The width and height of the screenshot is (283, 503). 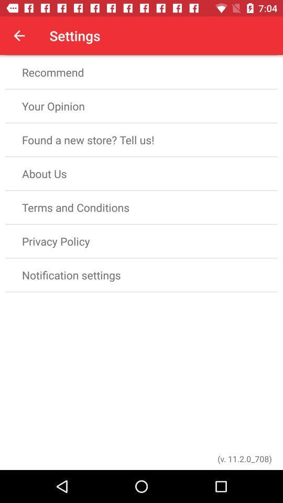 I want to click on the your opinion, so click(x=141, y=106).